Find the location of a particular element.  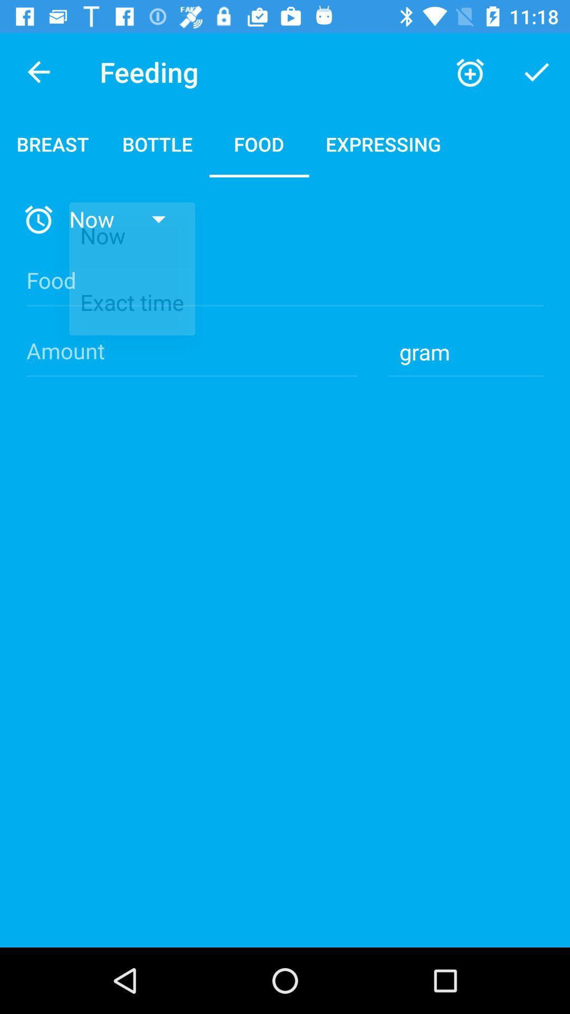

food for view is located at coordinates (285, 289).